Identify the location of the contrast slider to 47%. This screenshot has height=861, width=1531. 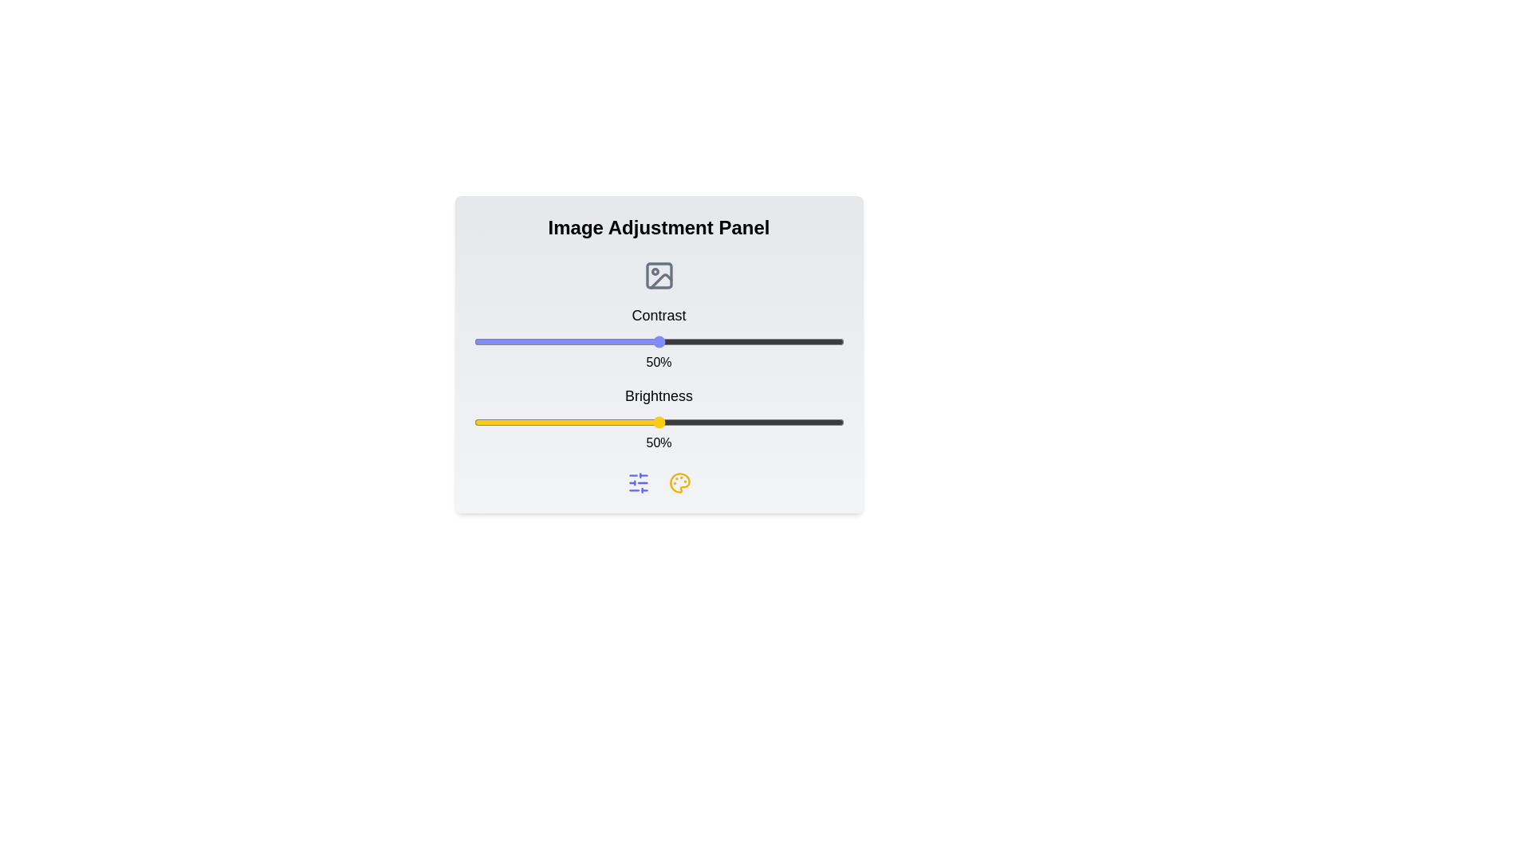
(647, 340).